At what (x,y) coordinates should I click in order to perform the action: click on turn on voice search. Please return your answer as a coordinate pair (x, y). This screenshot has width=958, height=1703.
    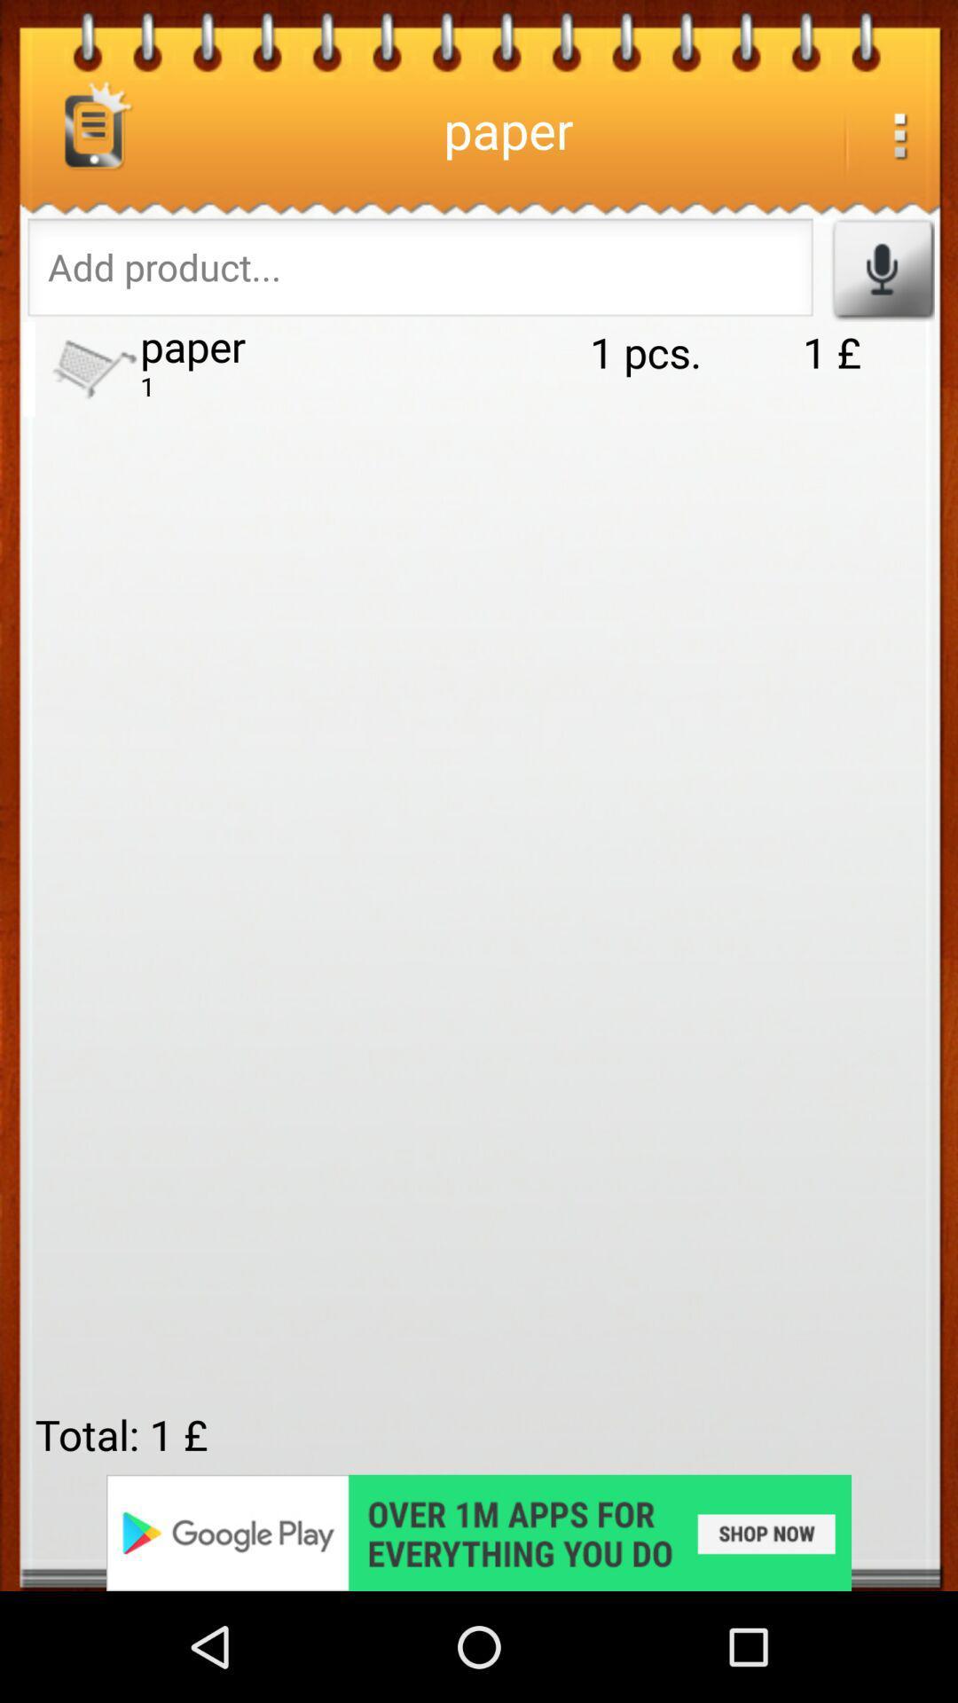
    Looking at the image, I should click on (882, 268).